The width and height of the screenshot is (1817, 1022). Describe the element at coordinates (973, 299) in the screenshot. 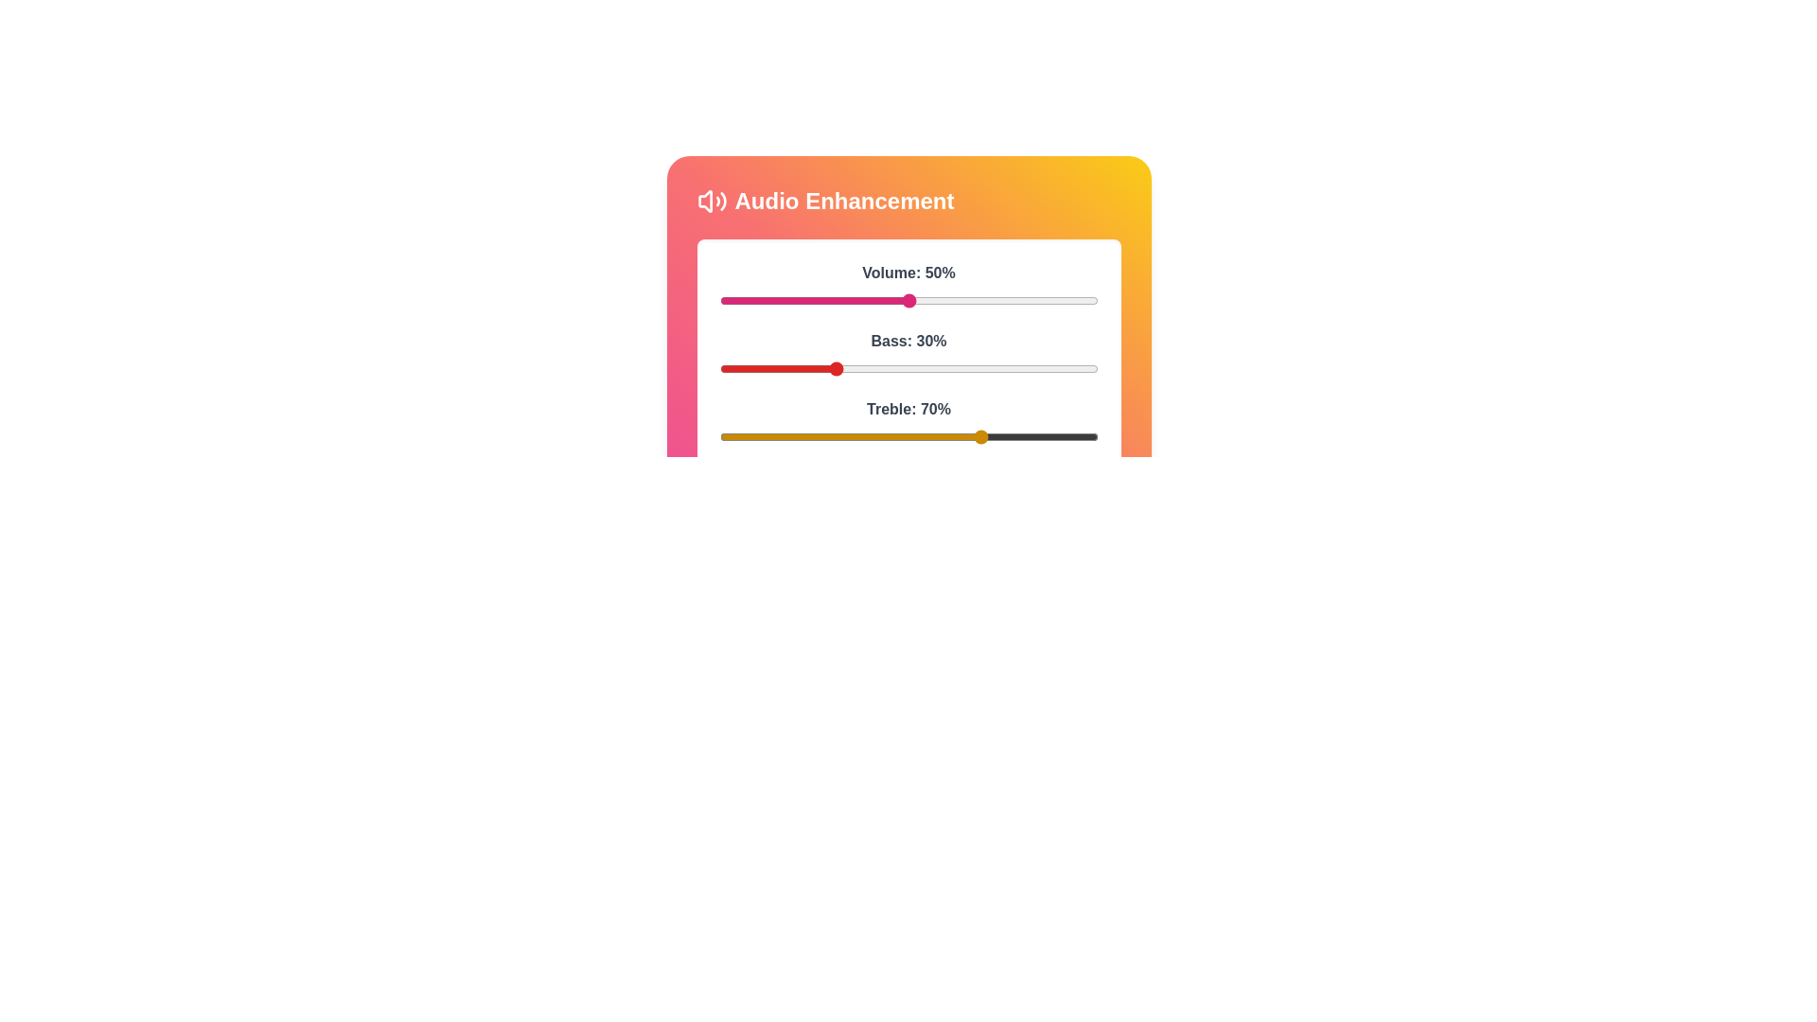

I see `the volume` at that location.